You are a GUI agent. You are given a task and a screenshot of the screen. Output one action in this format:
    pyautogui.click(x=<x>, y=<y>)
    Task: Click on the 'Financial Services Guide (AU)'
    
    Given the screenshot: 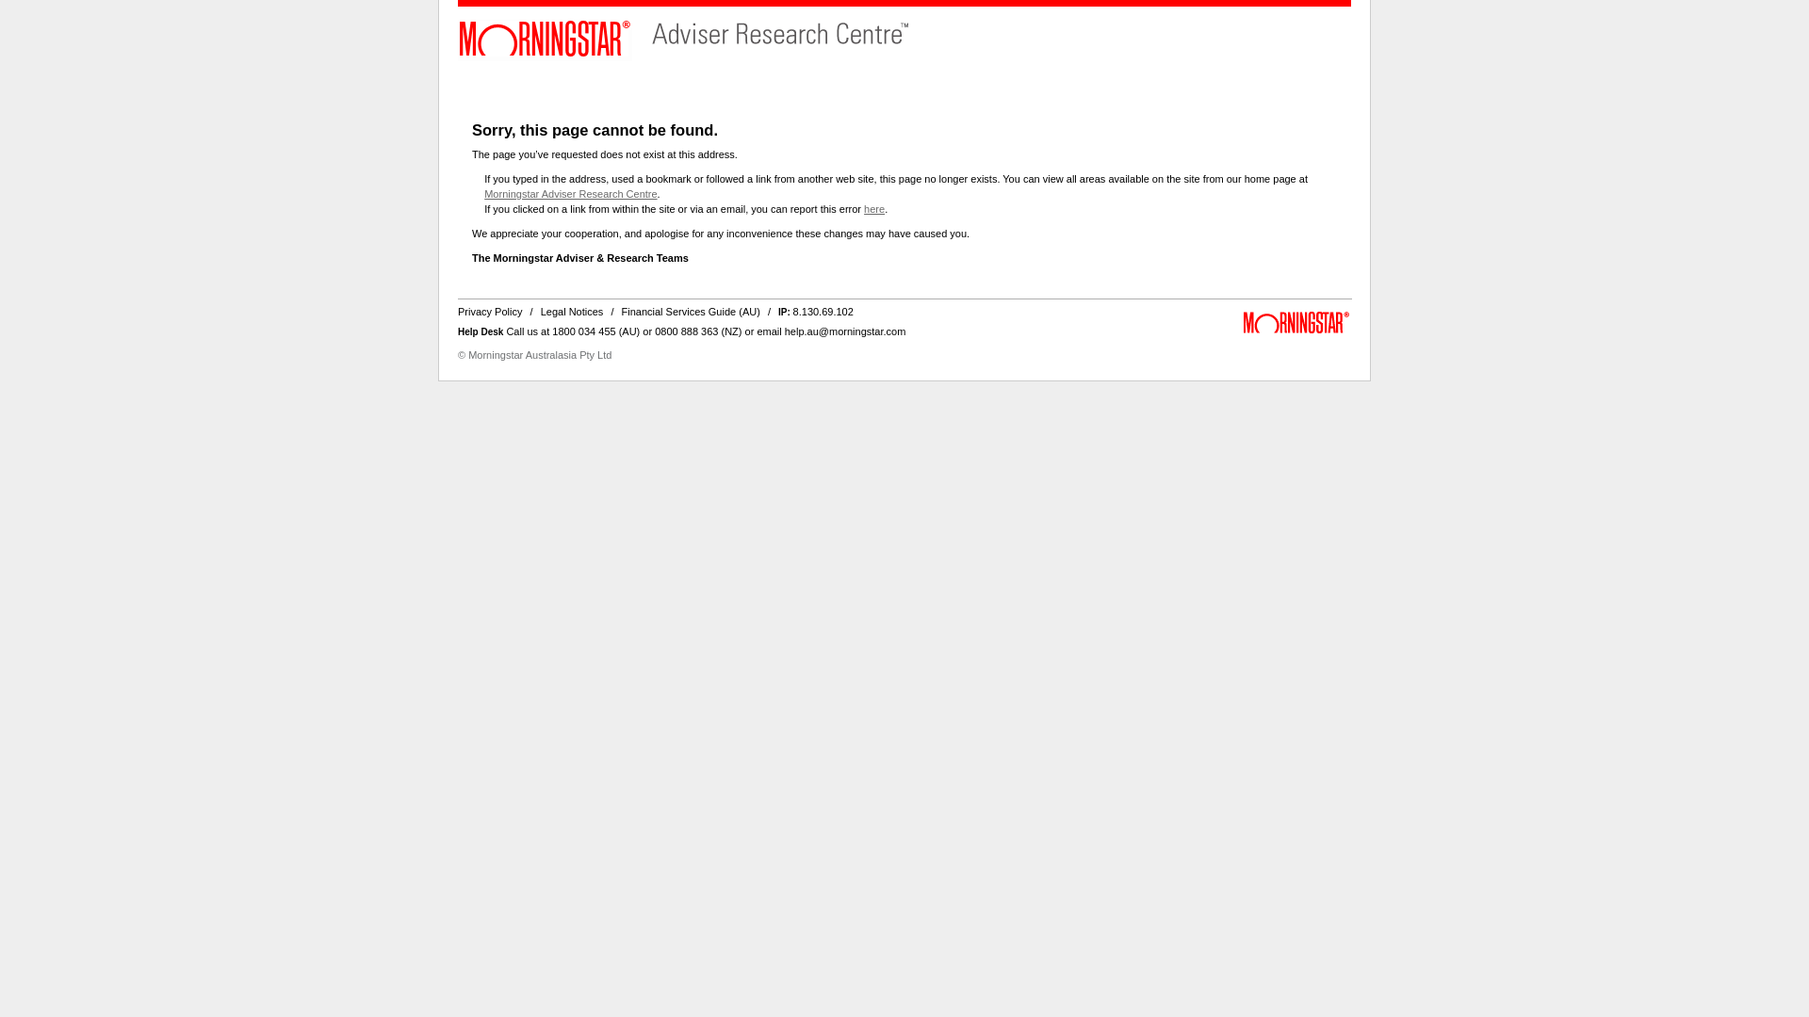 What is the action you would take?
    pyautogui.click(x=622, y=311)
    